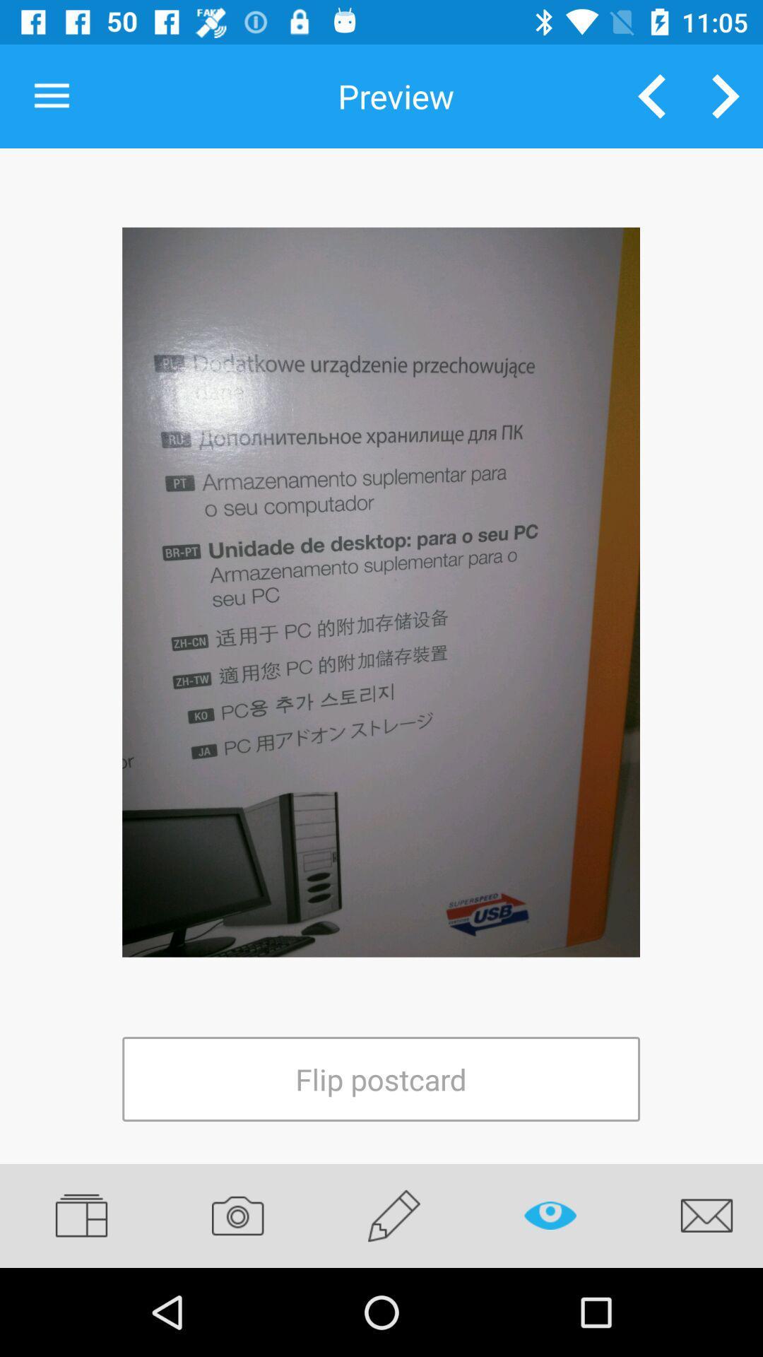 The height and width of the screenshot is (1357, 763). What do you see at coordinates (651, 95) in the screenshot?
I see `go back` at bounding box center [651, 95].